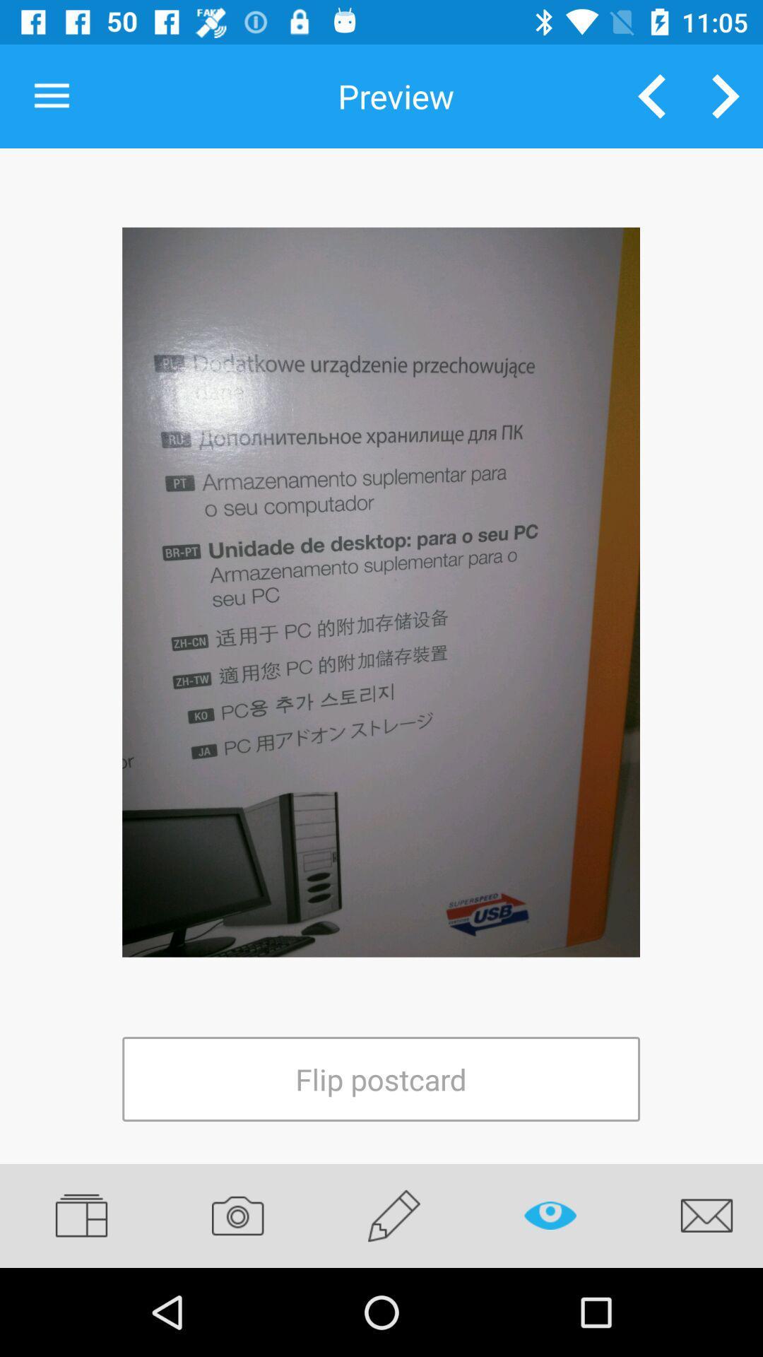 The height and width of the screenshot is (1357, 763). What do you see at coordinates (651, 95) in the screenshot?
I see `go back` at bounding box center [651, 95].